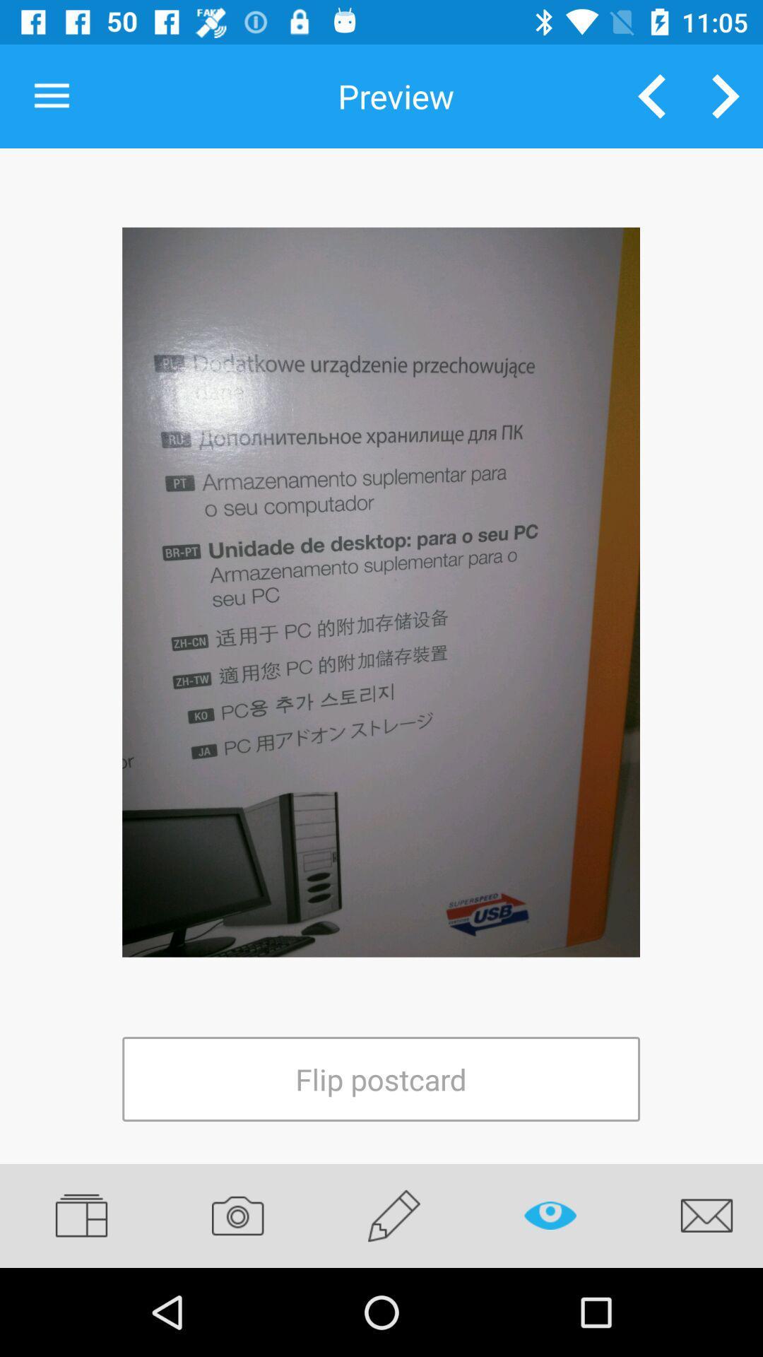 The height and width of the screenshot is (1357, 763). What do you see at coordinates (651, 95) in the screenshot?
I see `go back` at bounding box center [651, 95].